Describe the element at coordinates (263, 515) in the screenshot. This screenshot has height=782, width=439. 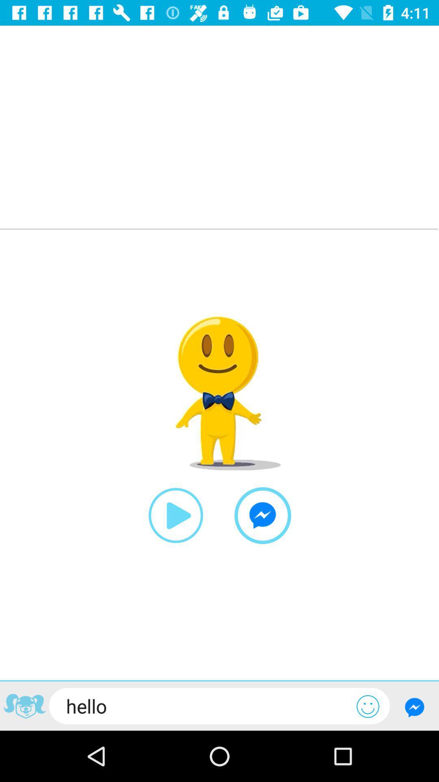
I see `messenger` at that location.